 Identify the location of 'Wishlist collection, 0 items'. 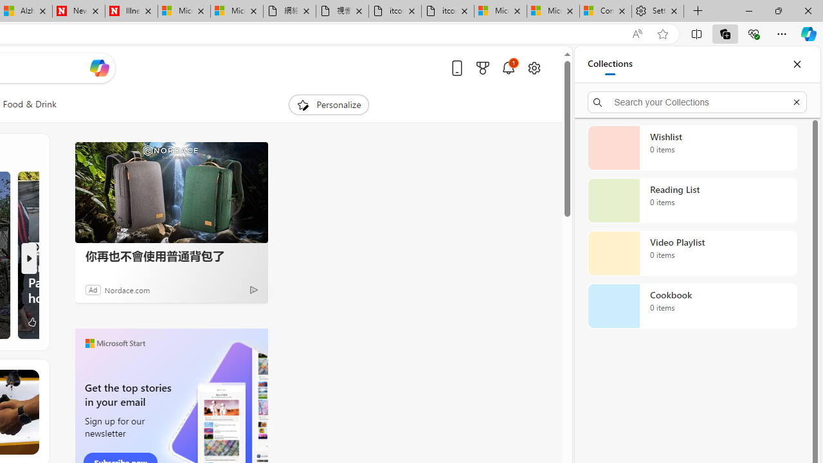
(692, 147).